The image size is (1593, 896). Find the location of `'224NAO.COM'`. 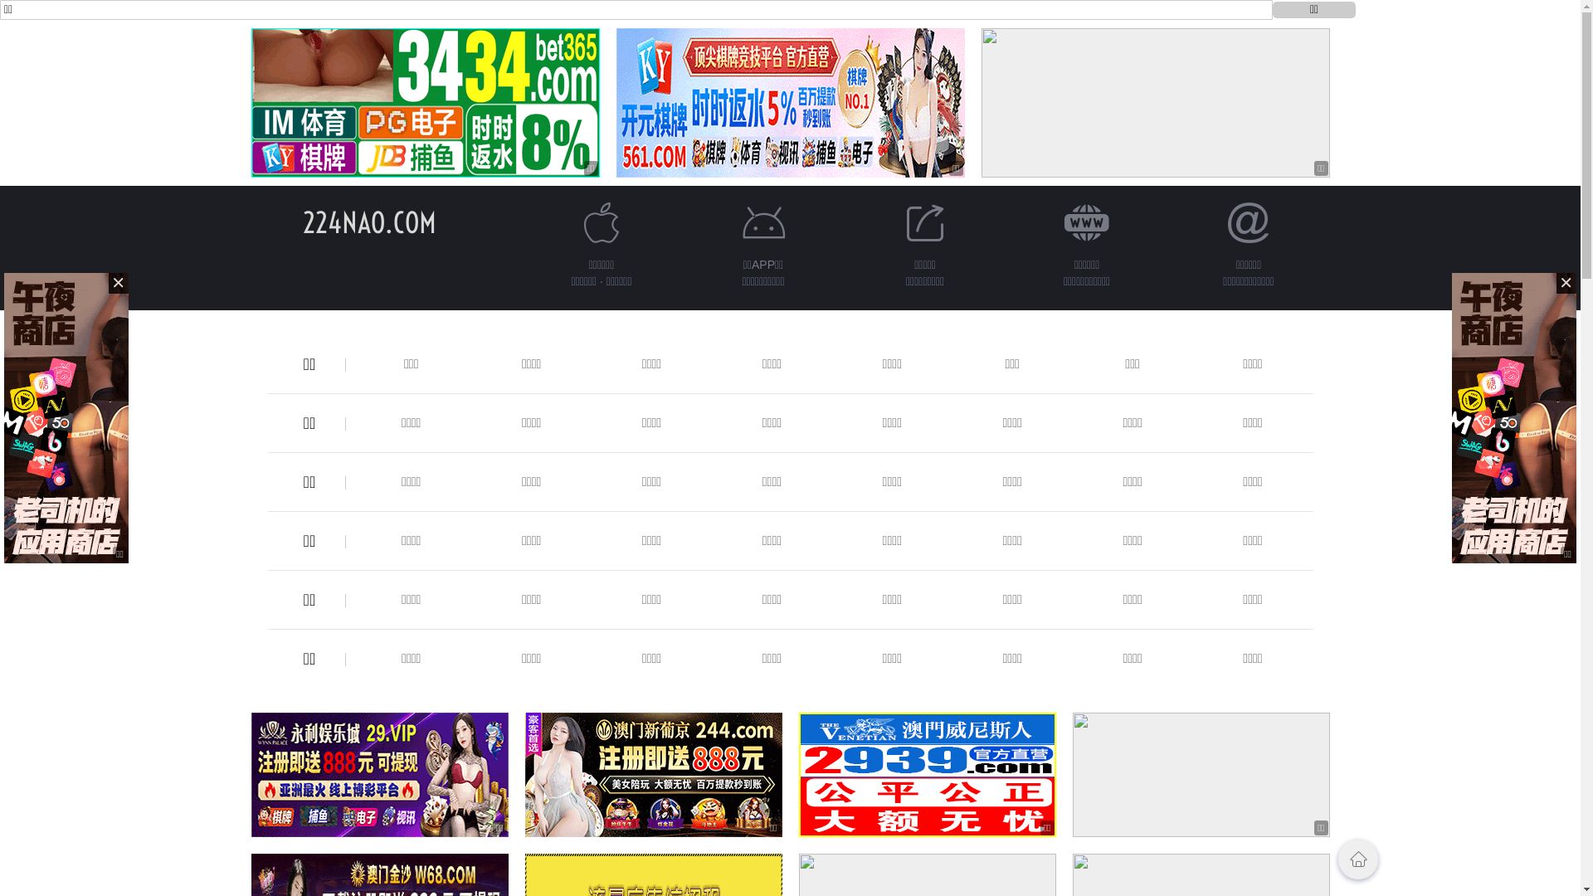

'224NAO.COM' is located at coordinates (368, 222).